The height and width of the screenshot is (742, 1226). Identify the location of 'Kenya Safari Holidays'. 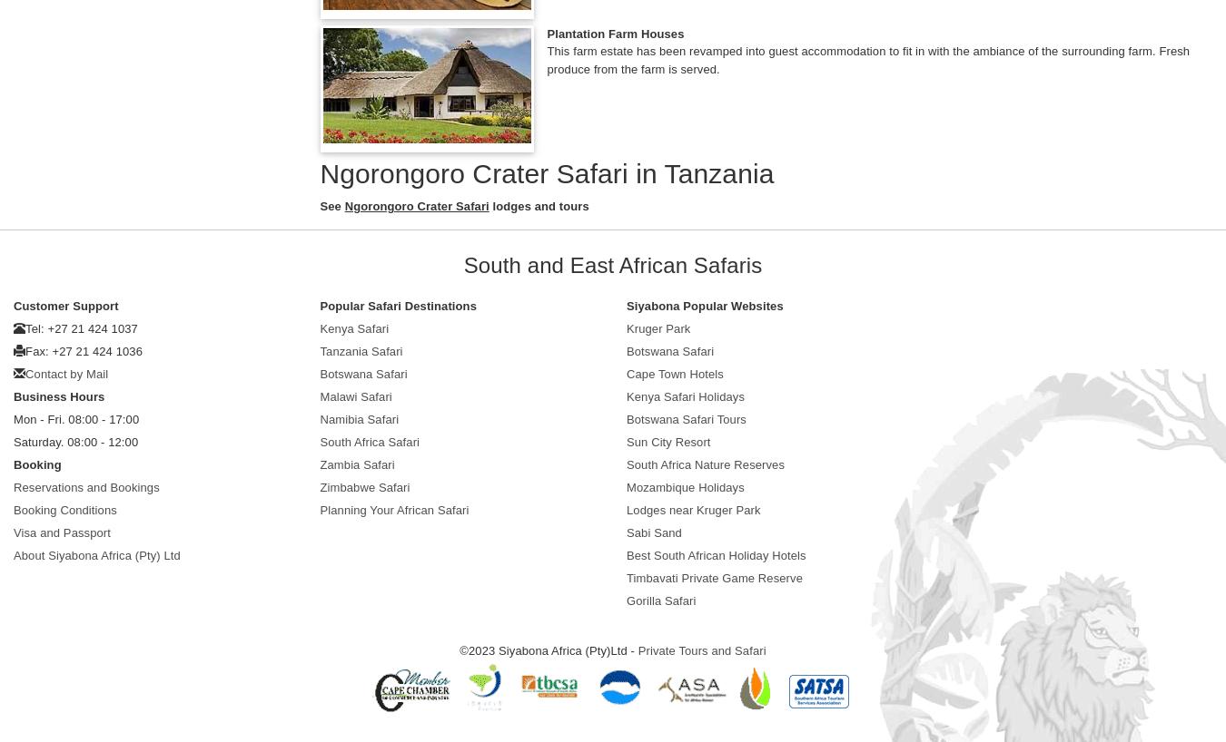
(685, 395).